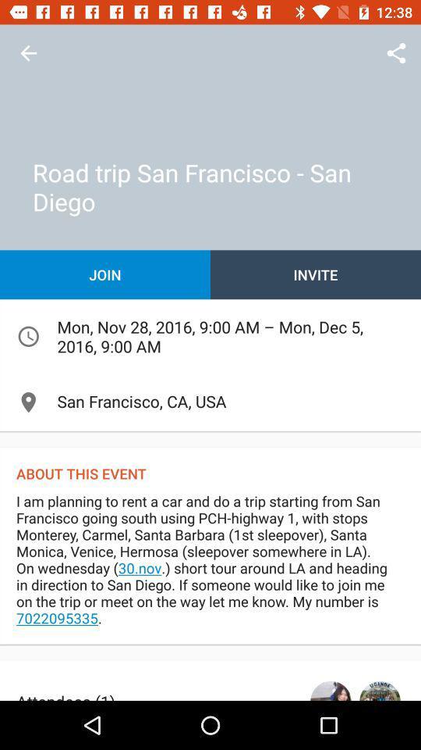 The image size is (421, 750). Describe the element at coordinates (396, 53) in the screenshot. I see `item at the top right corner` at that location.